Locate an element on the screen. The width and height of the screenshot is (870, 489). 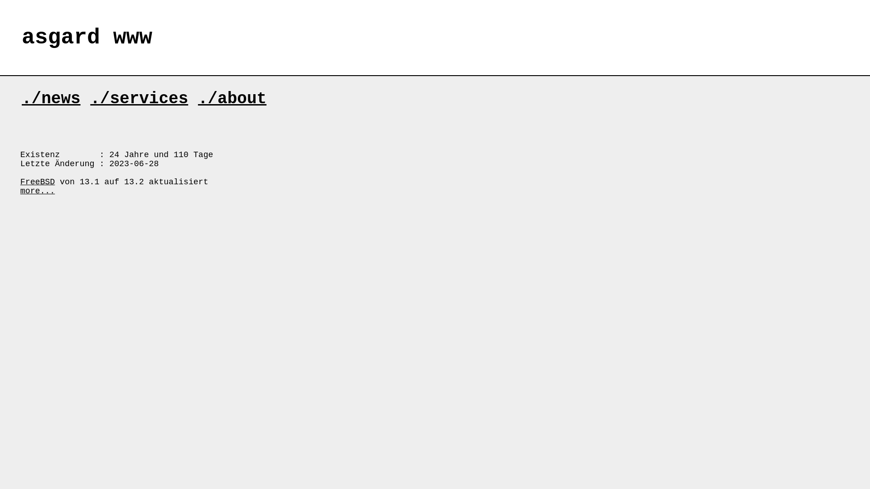
'asgard' is located at coordinates (22, 37).